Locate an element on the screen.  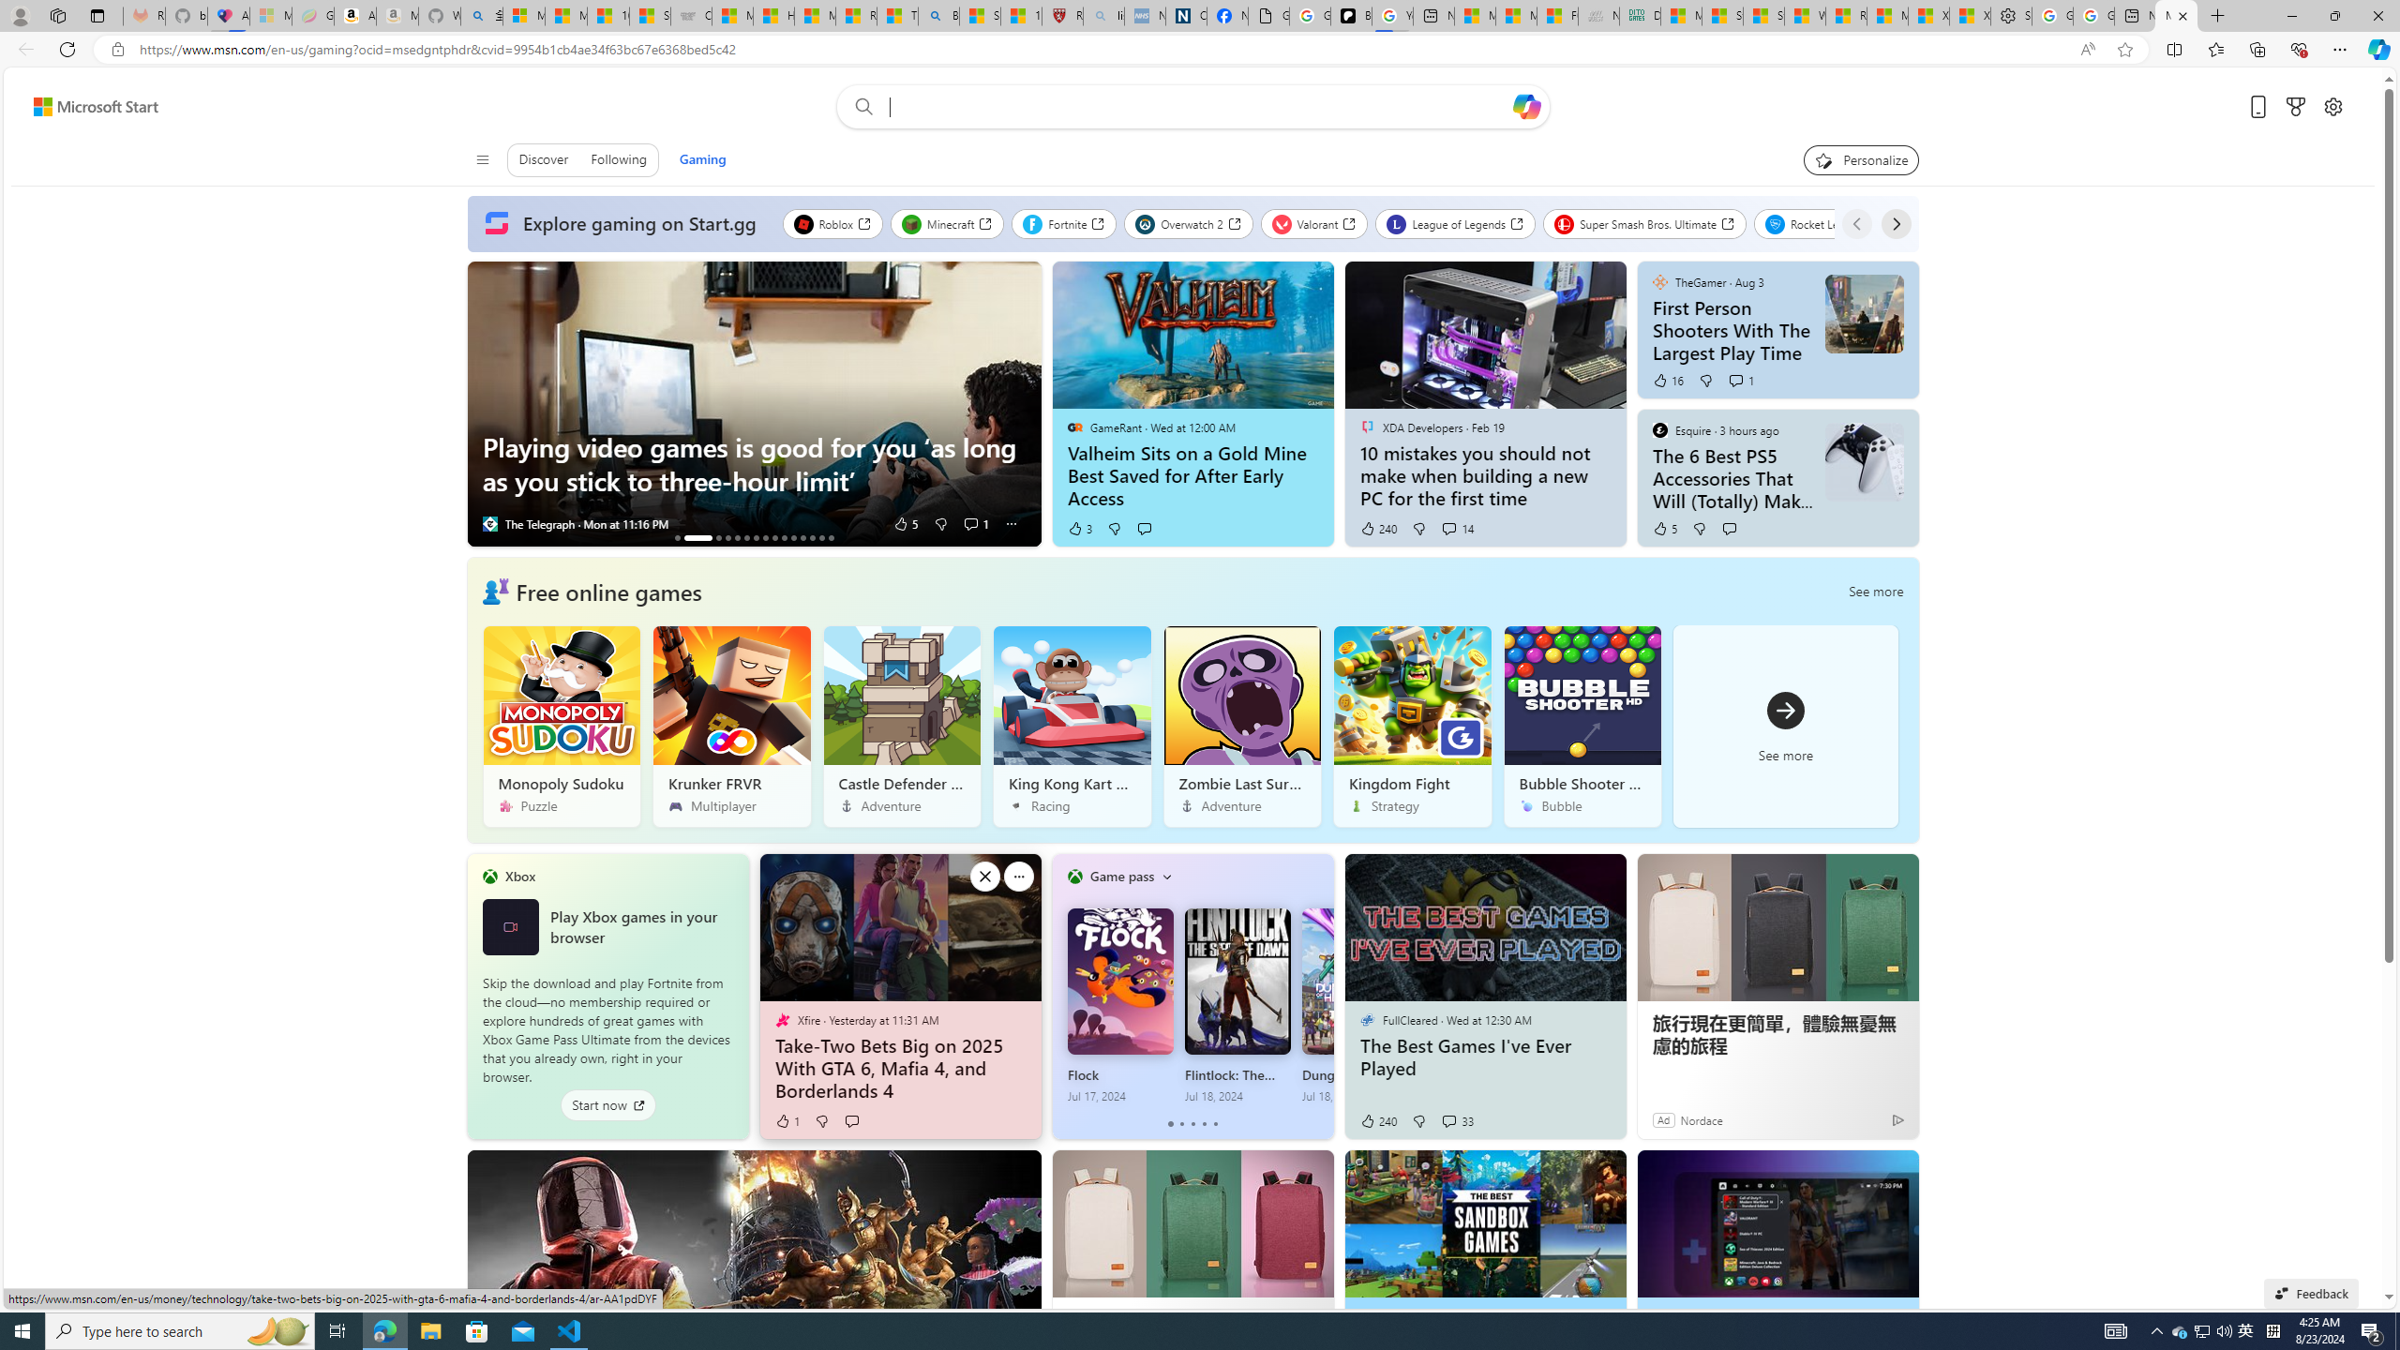
'Start now' is located at coordinates (607, 1105).